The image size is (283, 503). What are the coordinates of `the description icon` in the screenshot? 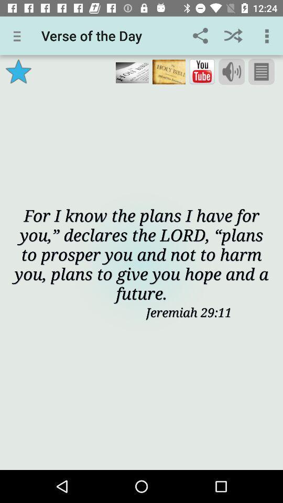 It's located at (260, 71).